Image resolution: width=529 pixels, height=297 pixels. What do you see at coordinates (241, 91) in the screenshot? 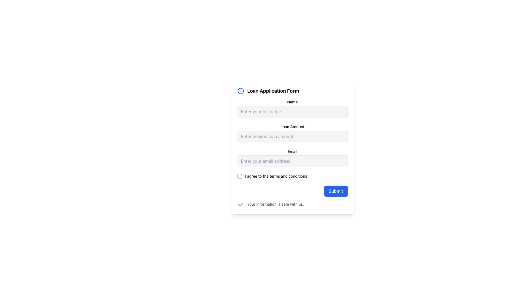
I see `the information icon located in the top-left of the header section of the 'Loan Application Form'` at bounding box center [241, 91].